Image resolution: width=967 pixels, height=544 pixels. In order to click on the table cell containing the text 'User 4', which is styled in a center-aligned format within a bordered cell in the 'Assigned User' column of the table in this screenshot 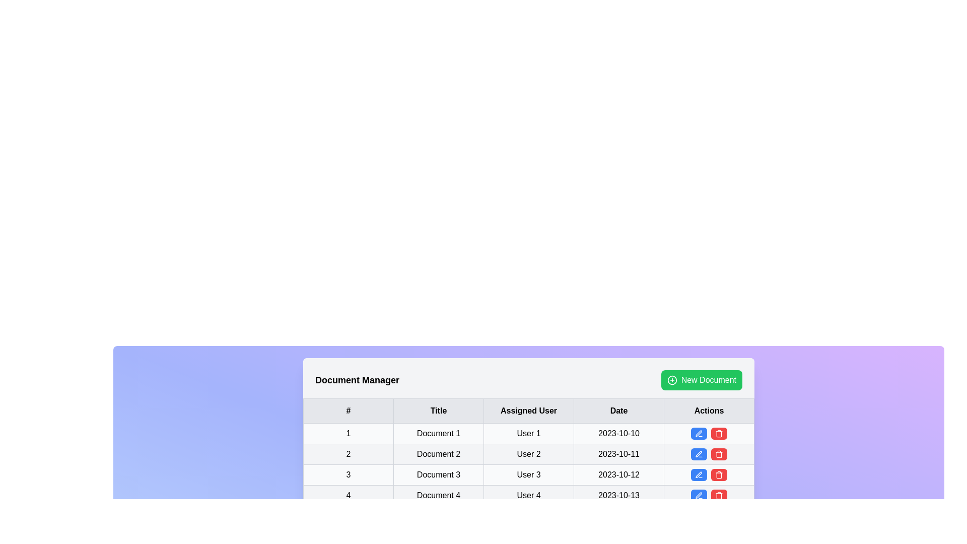, I will do `click(528, 495)`.